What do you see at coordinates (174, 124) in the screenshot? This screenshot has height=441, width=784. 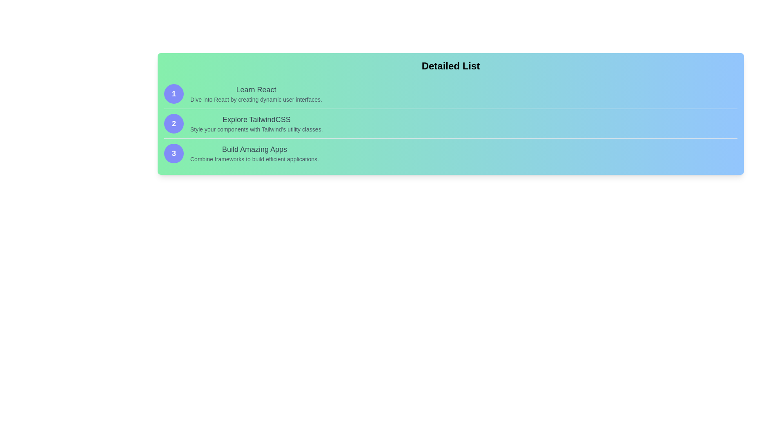 I see `numeral '2' displayed in bold white font within the indigo circular background, which is the second item in the left column of a three-item list` at bounding box center [174, 124].